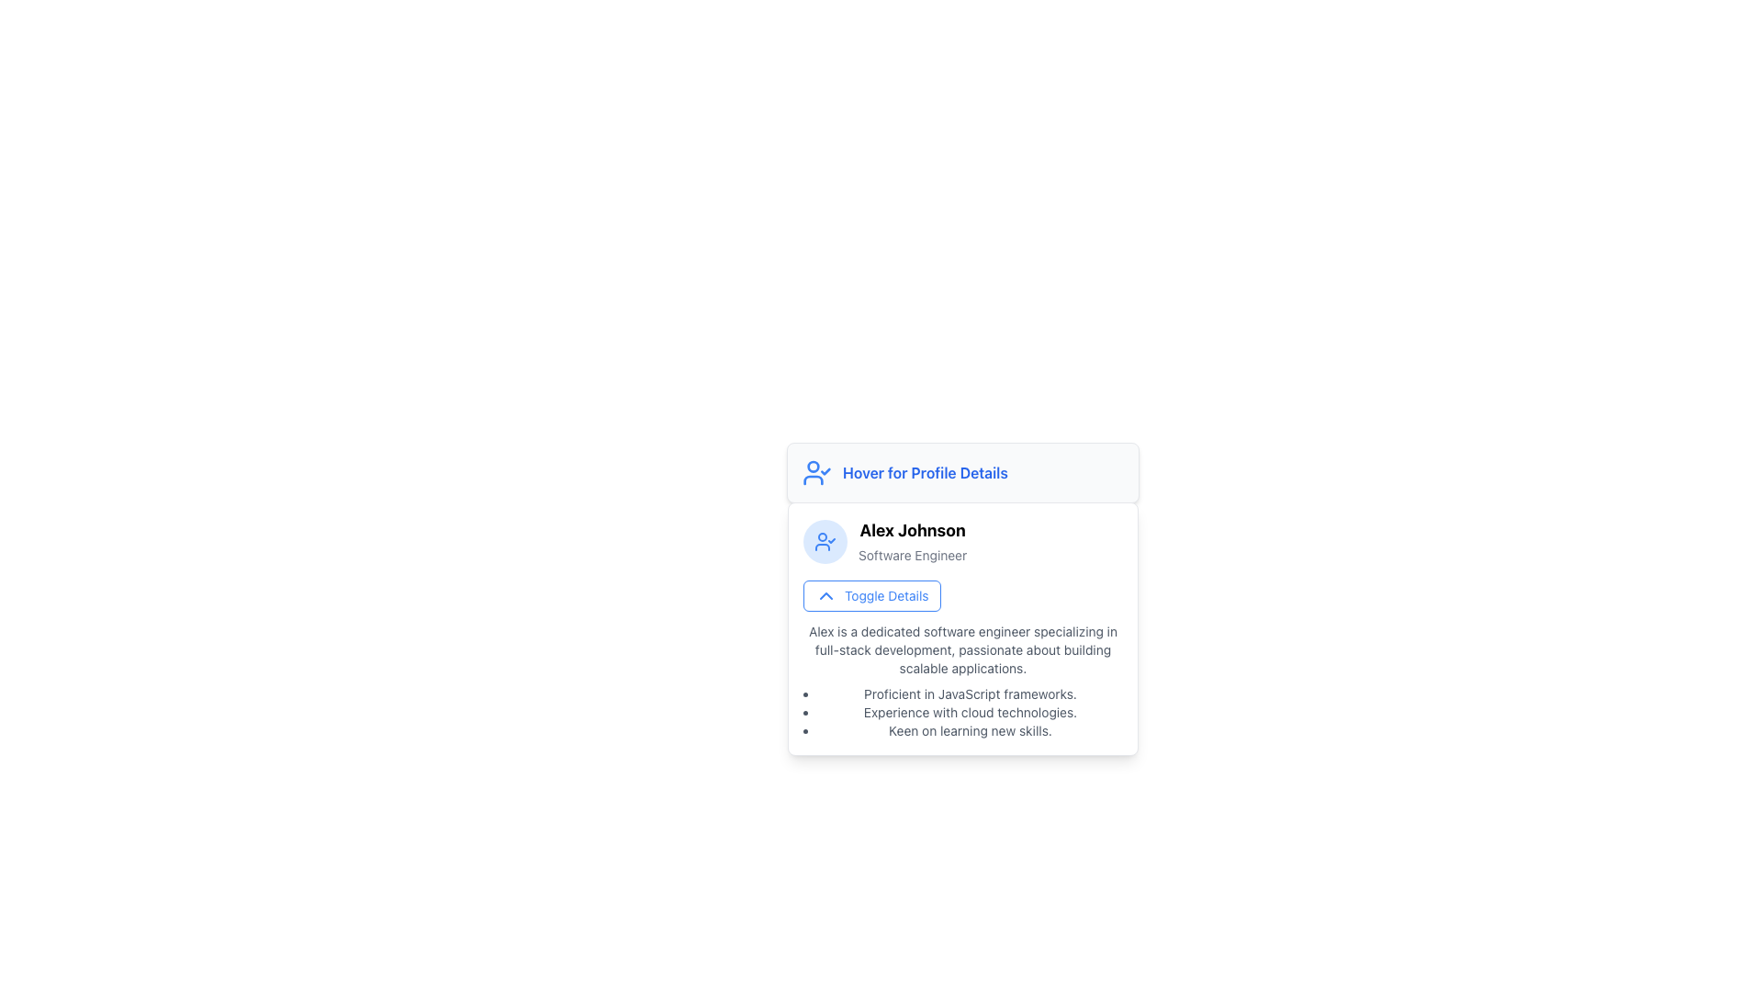  I want to click on the static text label displaying 'Alex Johnson', which is styled in bold and large font, located at the center-top of the profile information card, so click(913, 531).